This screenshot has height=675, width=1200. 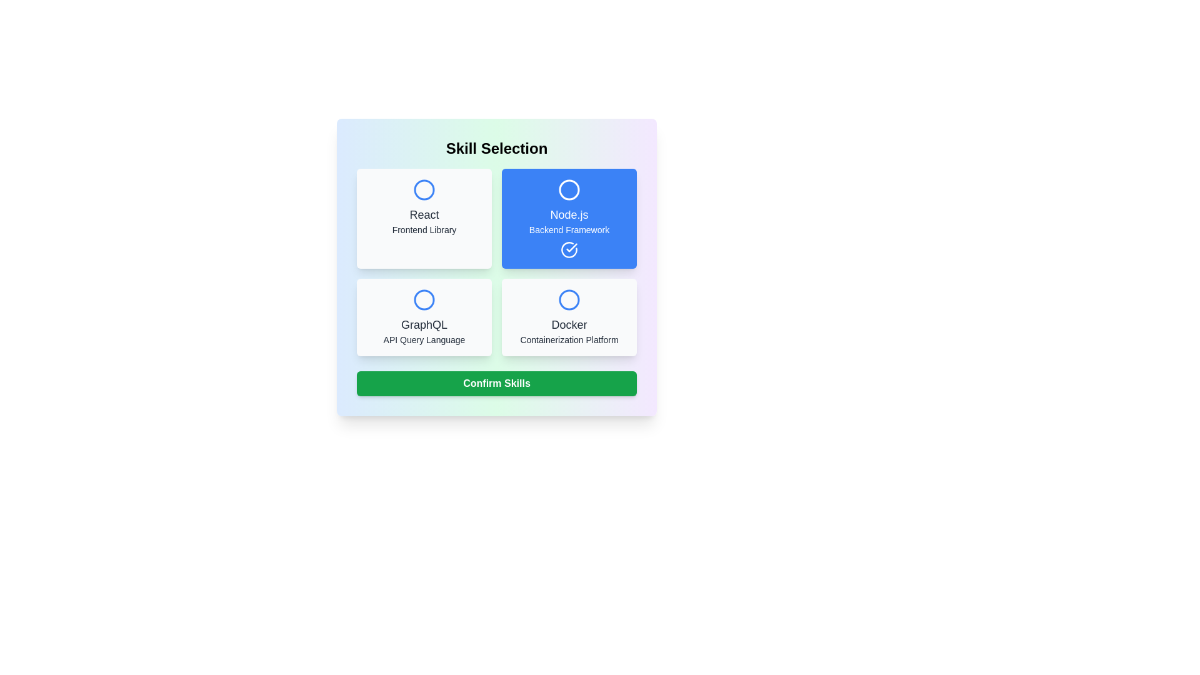 What do you see at coordinates (569, 317) in the screenshot?
I see `the skill chip labeled 'Docker'` at bounding box center [569, 317].